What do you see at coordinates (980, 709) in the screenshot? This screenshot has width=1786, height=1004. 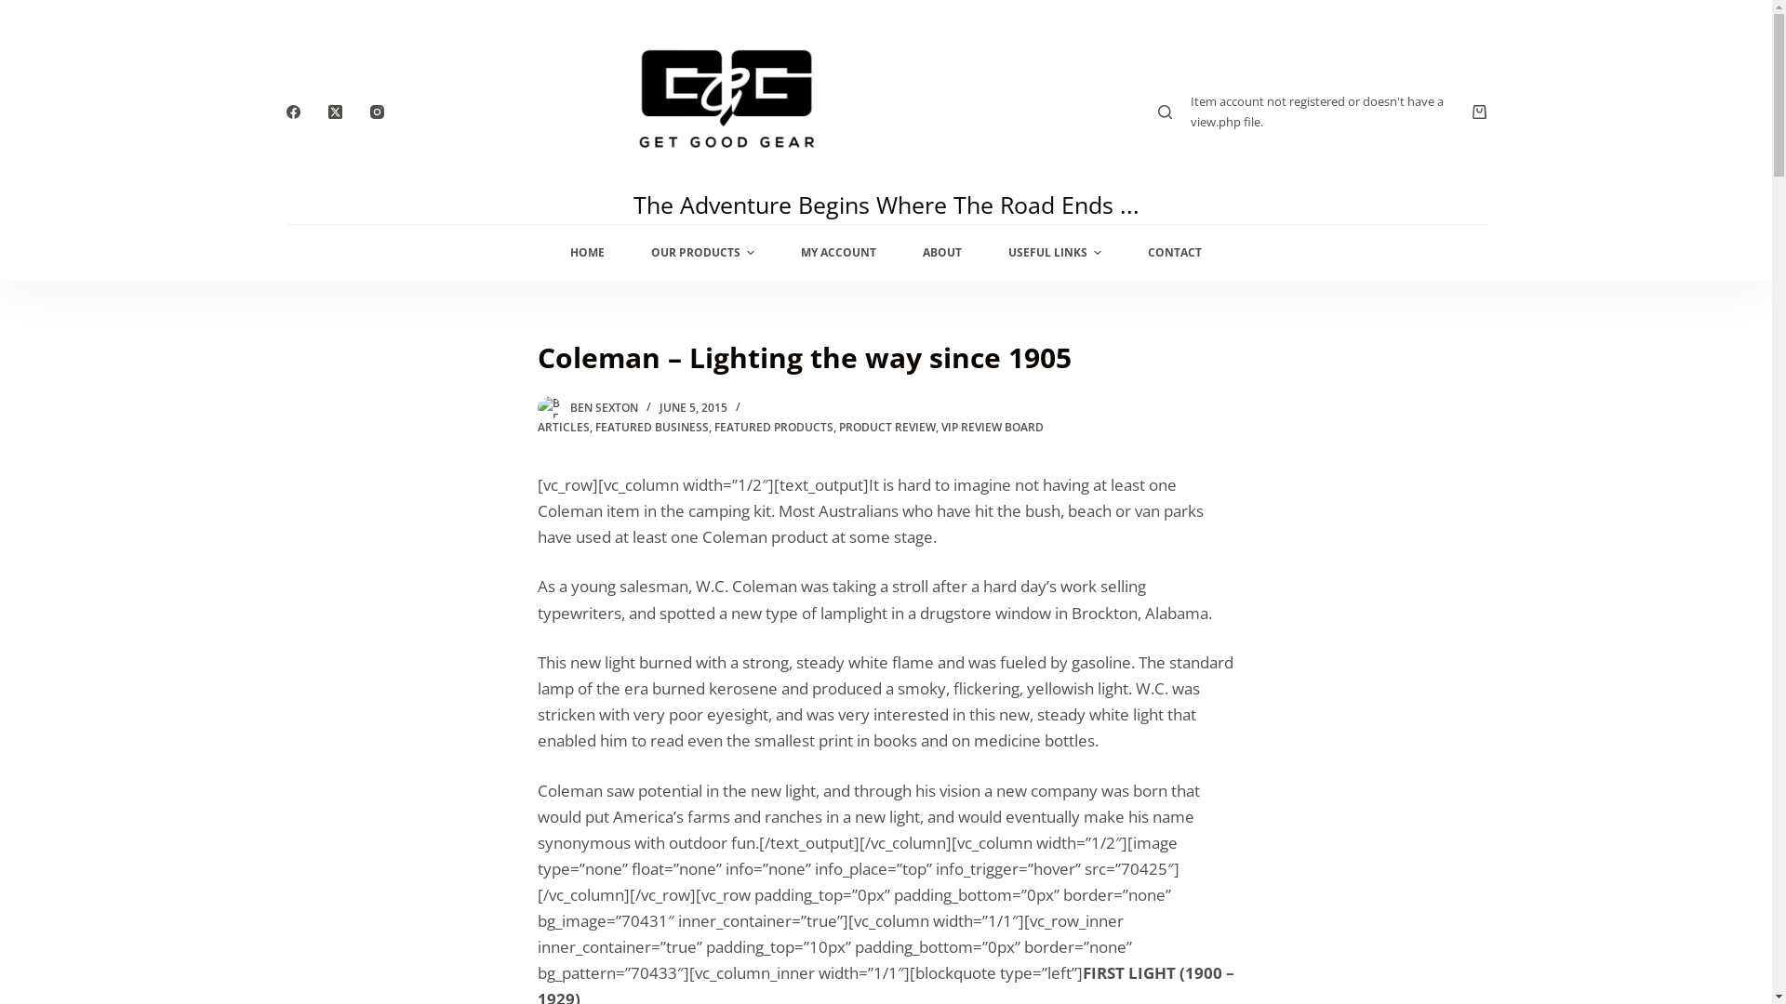 I see `'Terms & Conditions'` at bounding box center [980, 709].